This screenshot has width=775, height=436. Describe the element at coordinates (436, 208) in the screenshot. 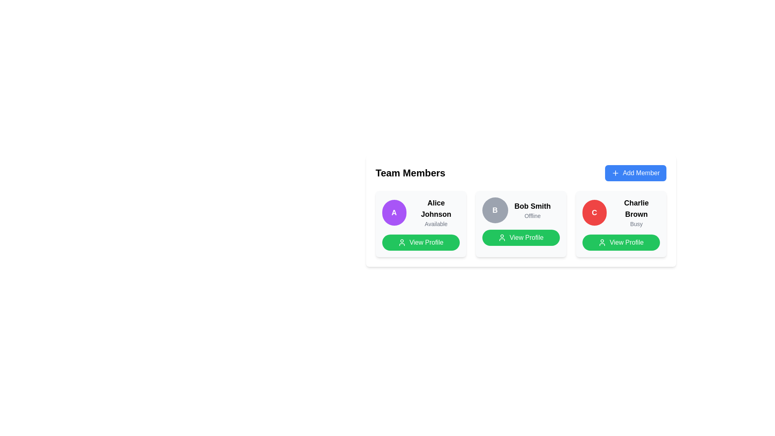

I see `the text label displaying 'Alice Johnson', which identifies the team member, to trigger any potential tooltip` at that location.